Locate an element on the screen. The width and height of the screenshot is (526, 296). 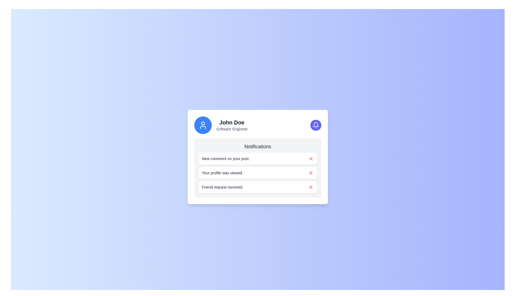
the text label that indicates a received friend request, located in the lower part of the notification panel next to the 'X' button is located at coordinates (222, 187).